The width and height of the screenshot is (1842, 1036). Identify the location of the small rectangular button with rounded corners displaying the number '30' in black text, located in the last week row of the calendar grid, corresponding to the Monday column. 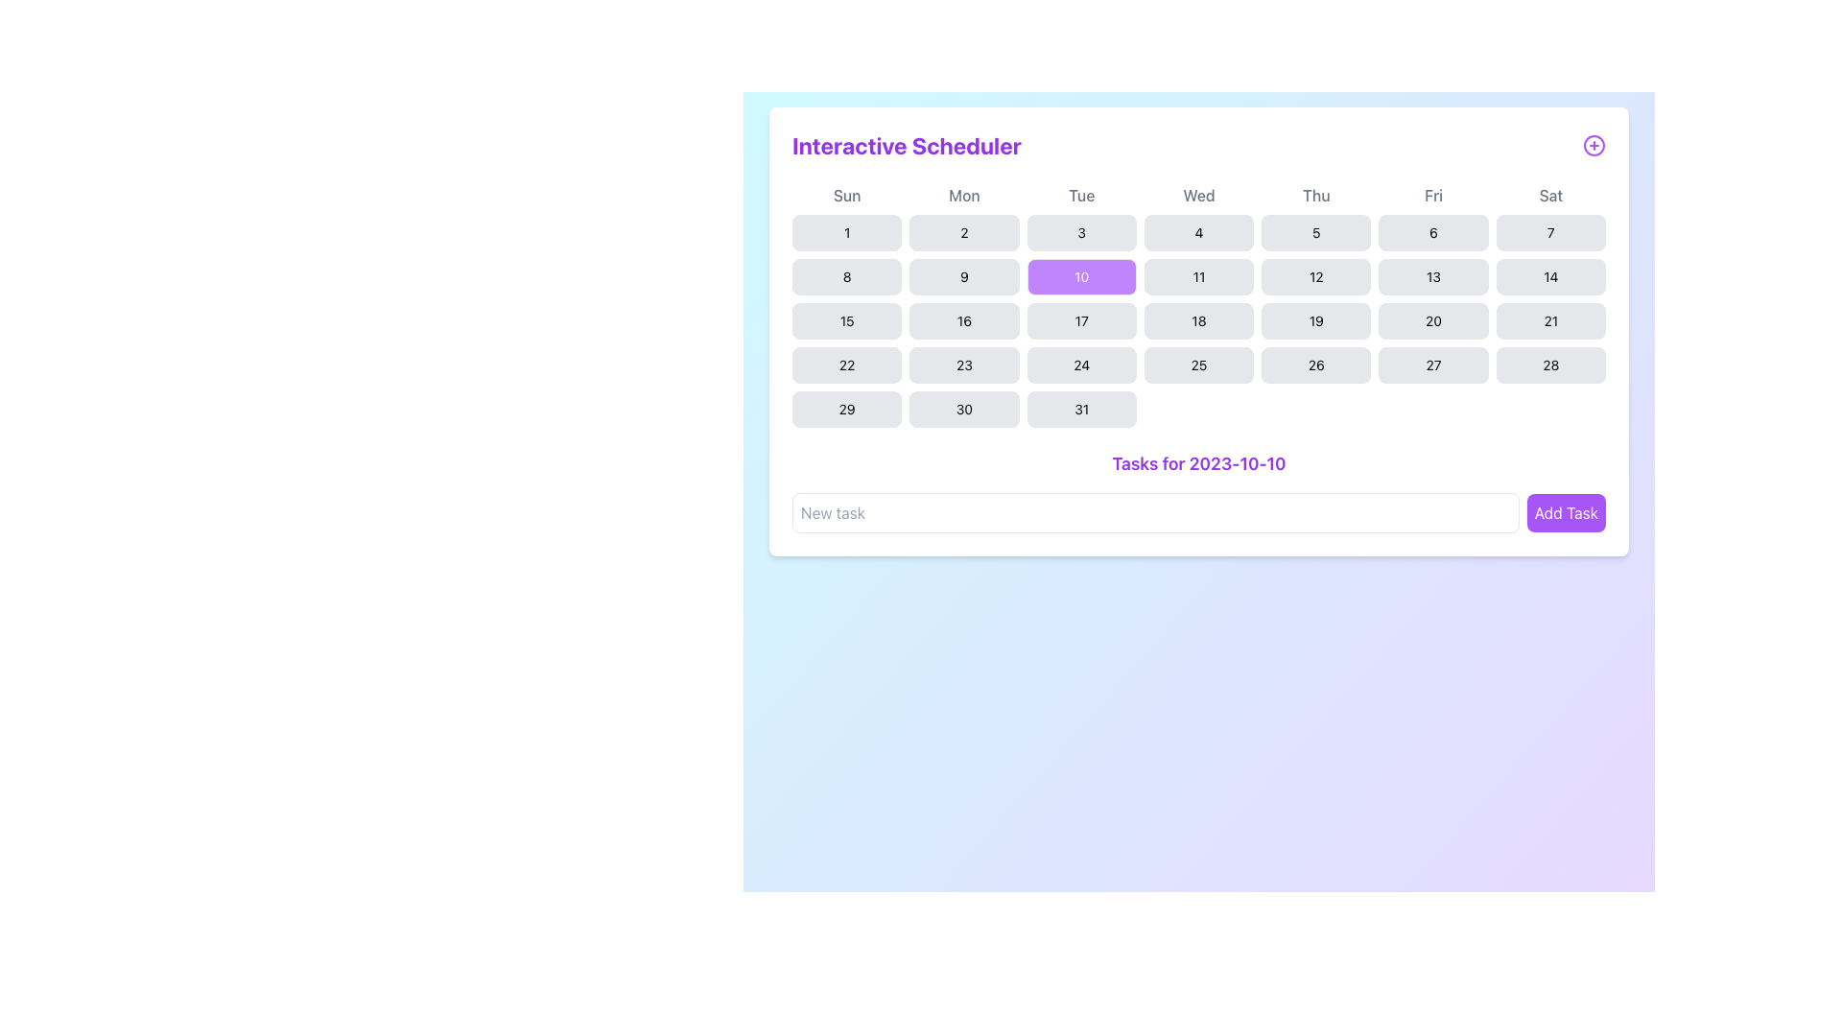
(964, 409).